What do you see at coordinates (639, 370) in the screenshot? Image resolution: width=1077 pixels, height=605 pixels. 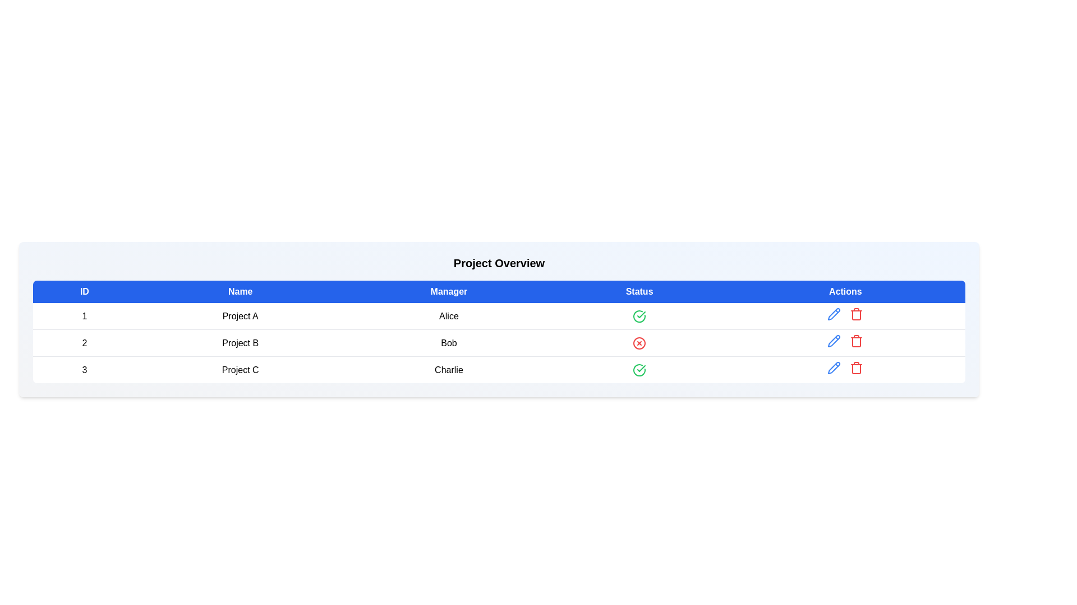 I see `the green checkmark status indicator located in the 'Status' column of the third row in the table, which corresponds to the project managed by 'Charlie'` at bounding box center [639, 370].